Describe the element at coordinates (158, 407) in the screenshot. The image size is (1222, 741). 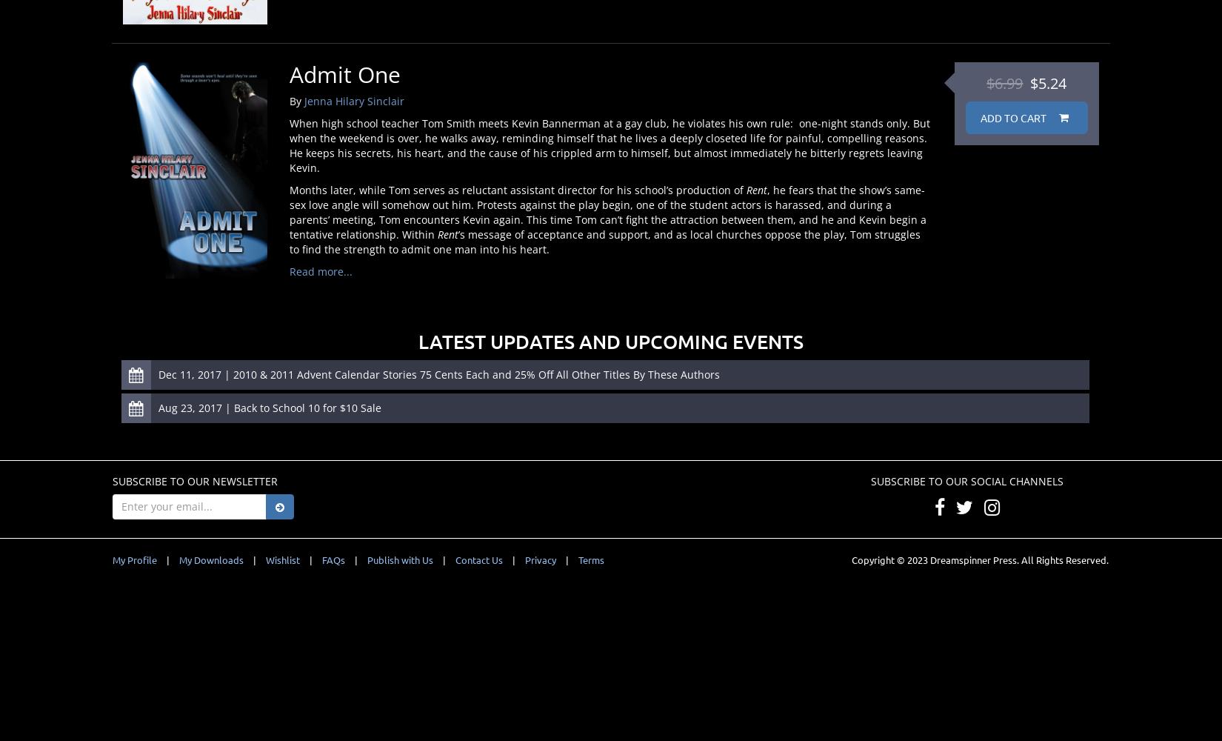
I see `'Aug 23, 2017 | Back to School 10 for $10 Sale'` at that location.